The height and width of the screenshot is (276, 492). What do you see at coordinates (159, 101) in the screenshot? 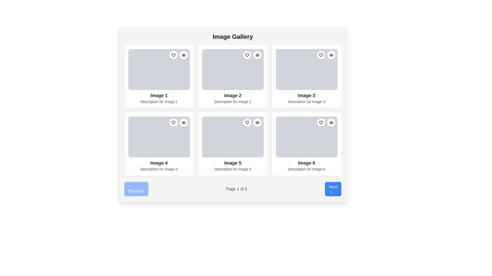
I see `the Text Label located directly beneath the image tile titled 'Image 1' in the gallery, which provides additional context or information about the image` at bounding box center [159, 101].